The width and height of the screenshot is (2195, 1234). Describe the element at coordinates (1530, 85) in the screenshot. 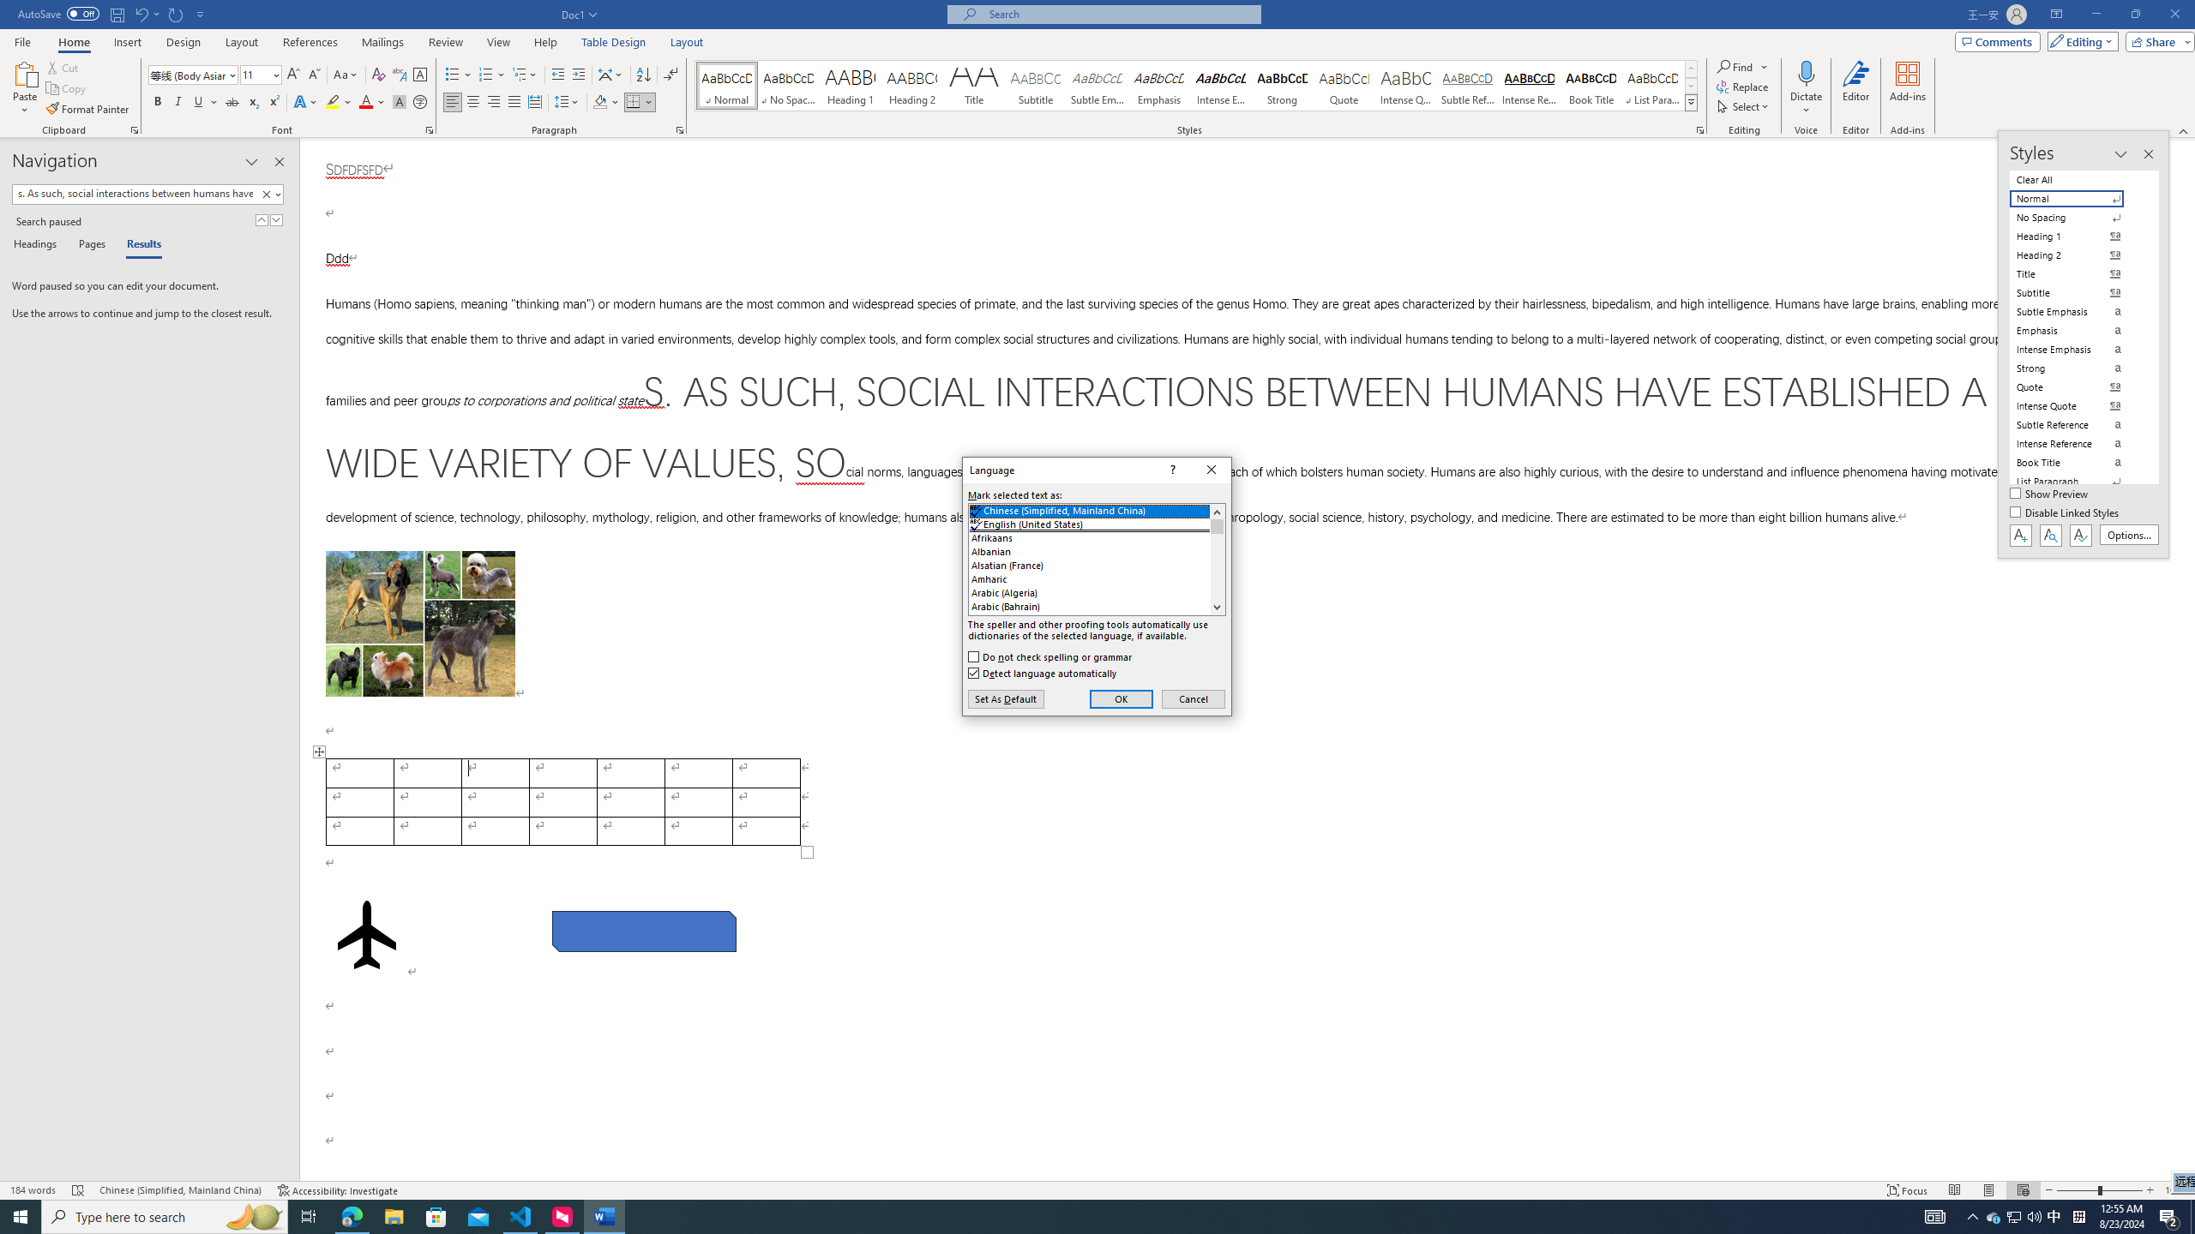

I see `'Intense Reference'` at that location.